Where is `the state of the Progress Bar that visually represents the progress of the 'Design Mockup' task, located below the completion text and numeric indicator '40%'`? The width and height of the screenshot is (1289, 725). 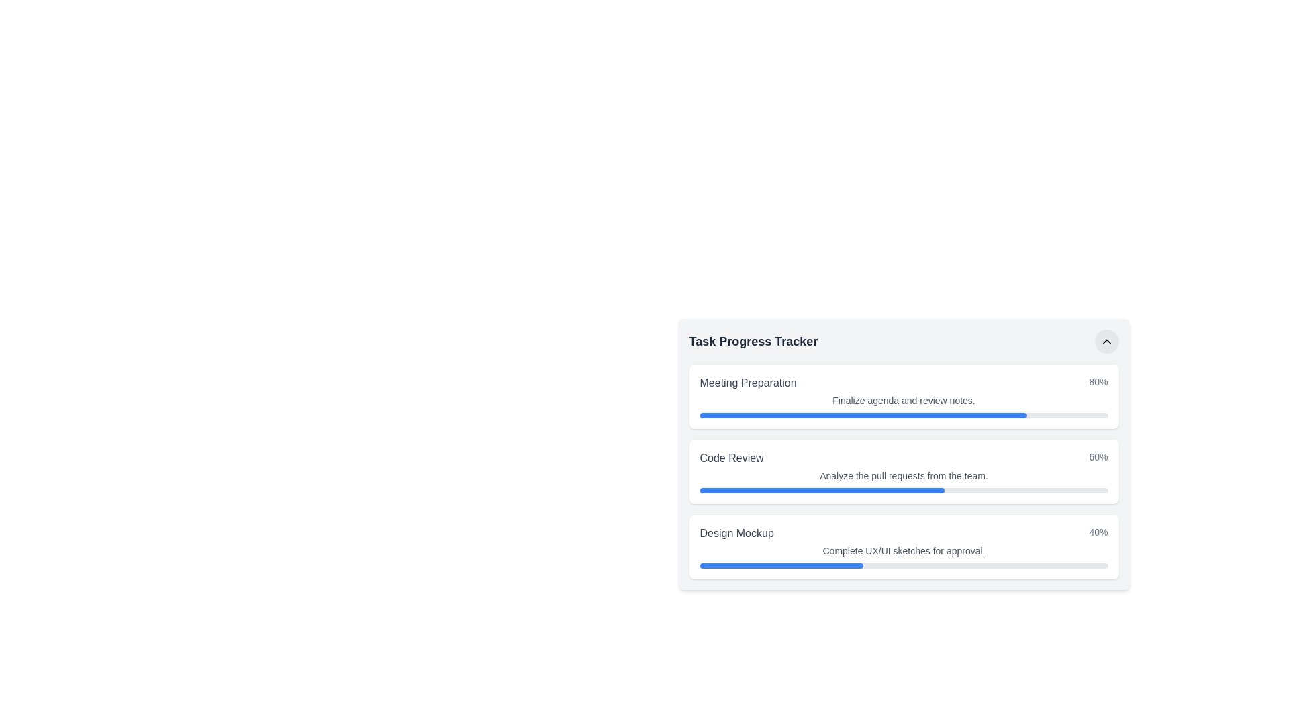
the state of the Progress Bar that visually represents the progress of the 'Design Mockup' task, located below the completion text and numeric indicator '40%' is located at coordinates (904, 566).